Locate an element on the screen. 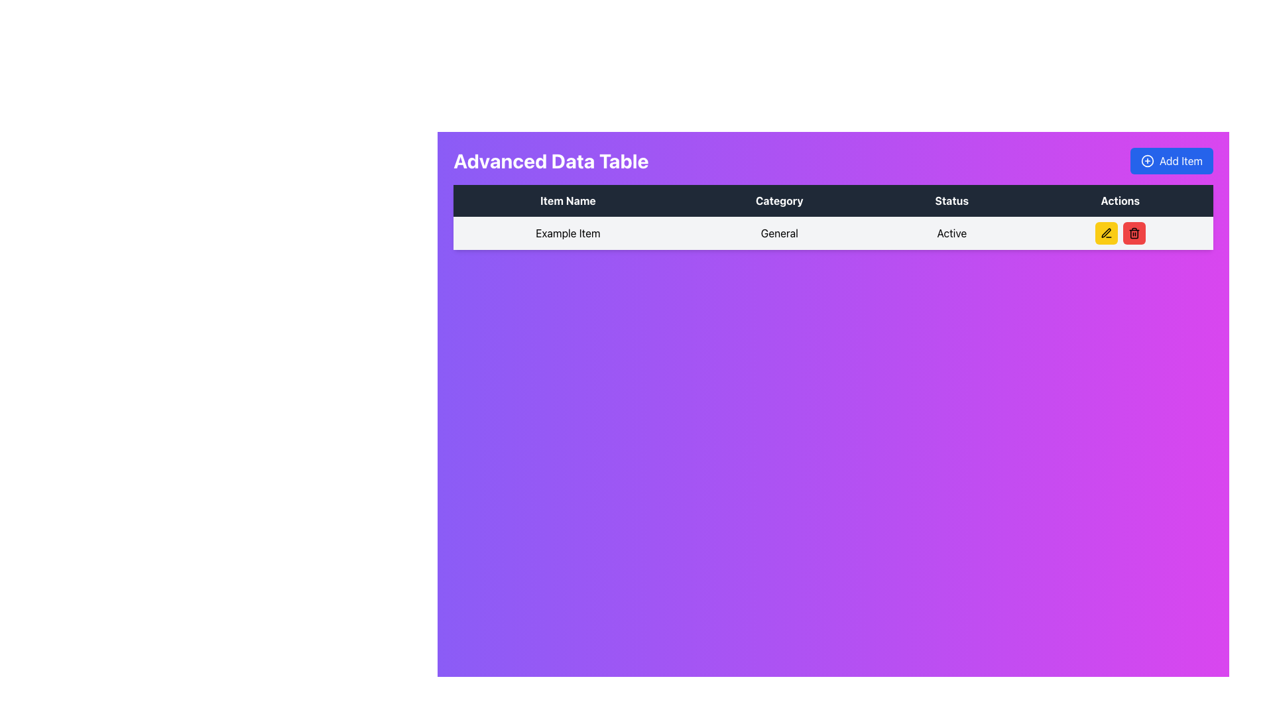  the 'Status' label in the third column of the table header, which precedes the 'Actions' column and follows the 'Item Name' and 'Category' columns is located at coordinates (951, 201).